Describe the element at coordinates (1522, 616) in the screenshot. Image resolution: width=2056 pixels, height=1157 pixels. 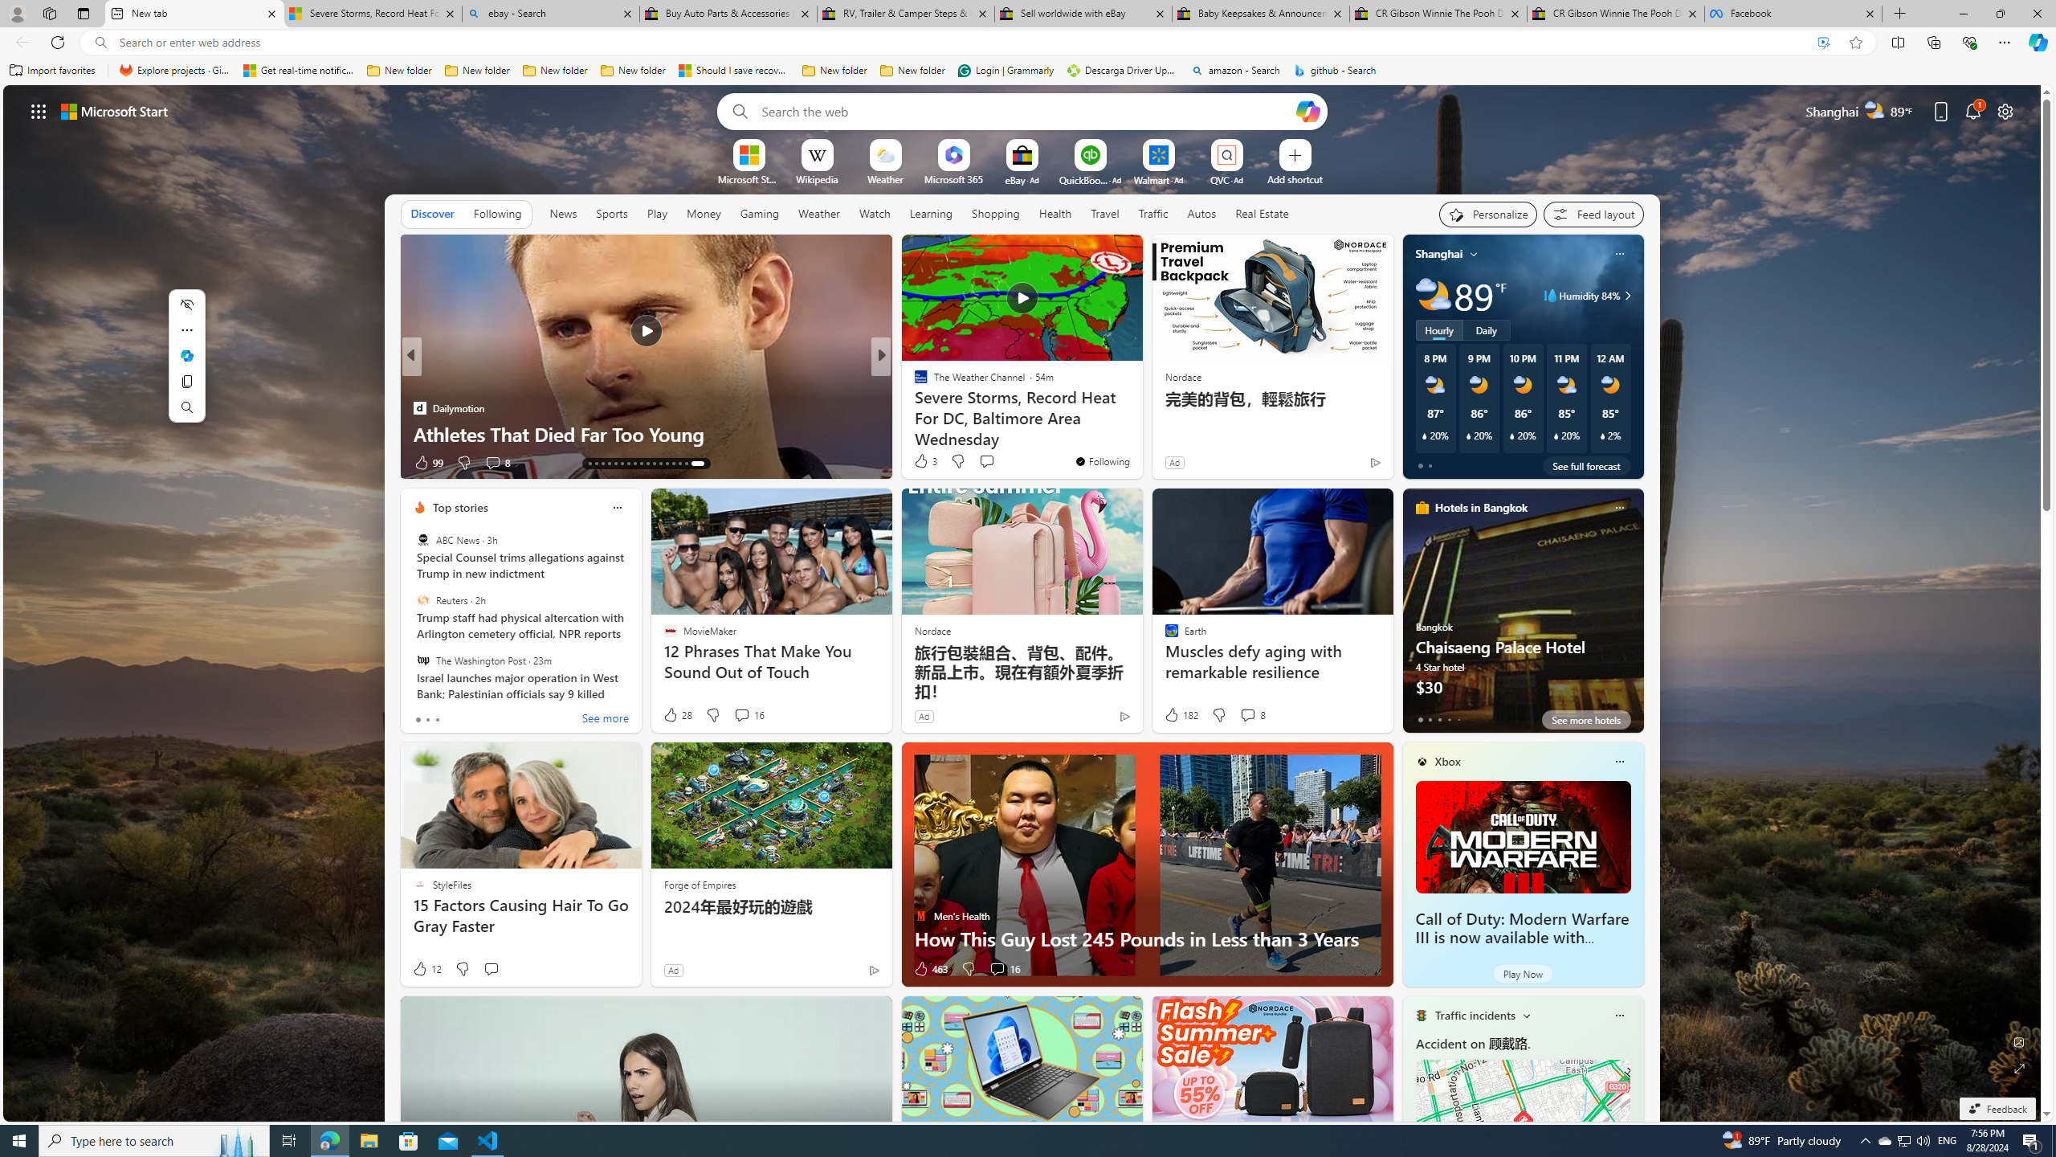
I see `'Chaisaeng Palace Hotel'` at that location.